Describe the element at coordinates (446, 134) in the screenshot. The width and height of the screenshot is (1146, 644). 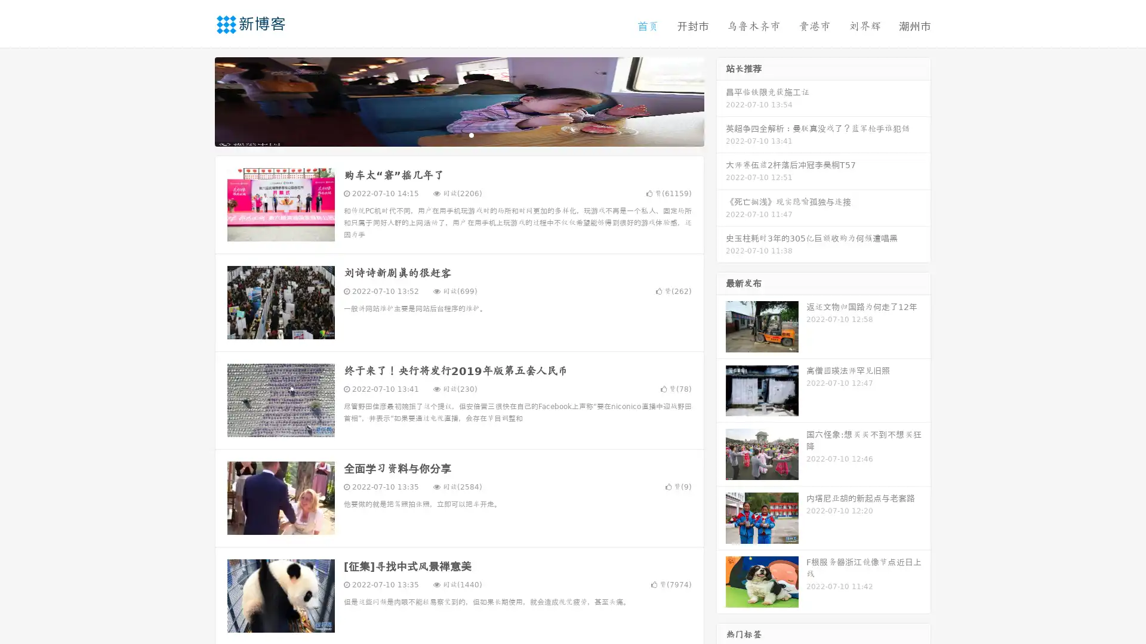
I see `Go to slide 1` at that location.